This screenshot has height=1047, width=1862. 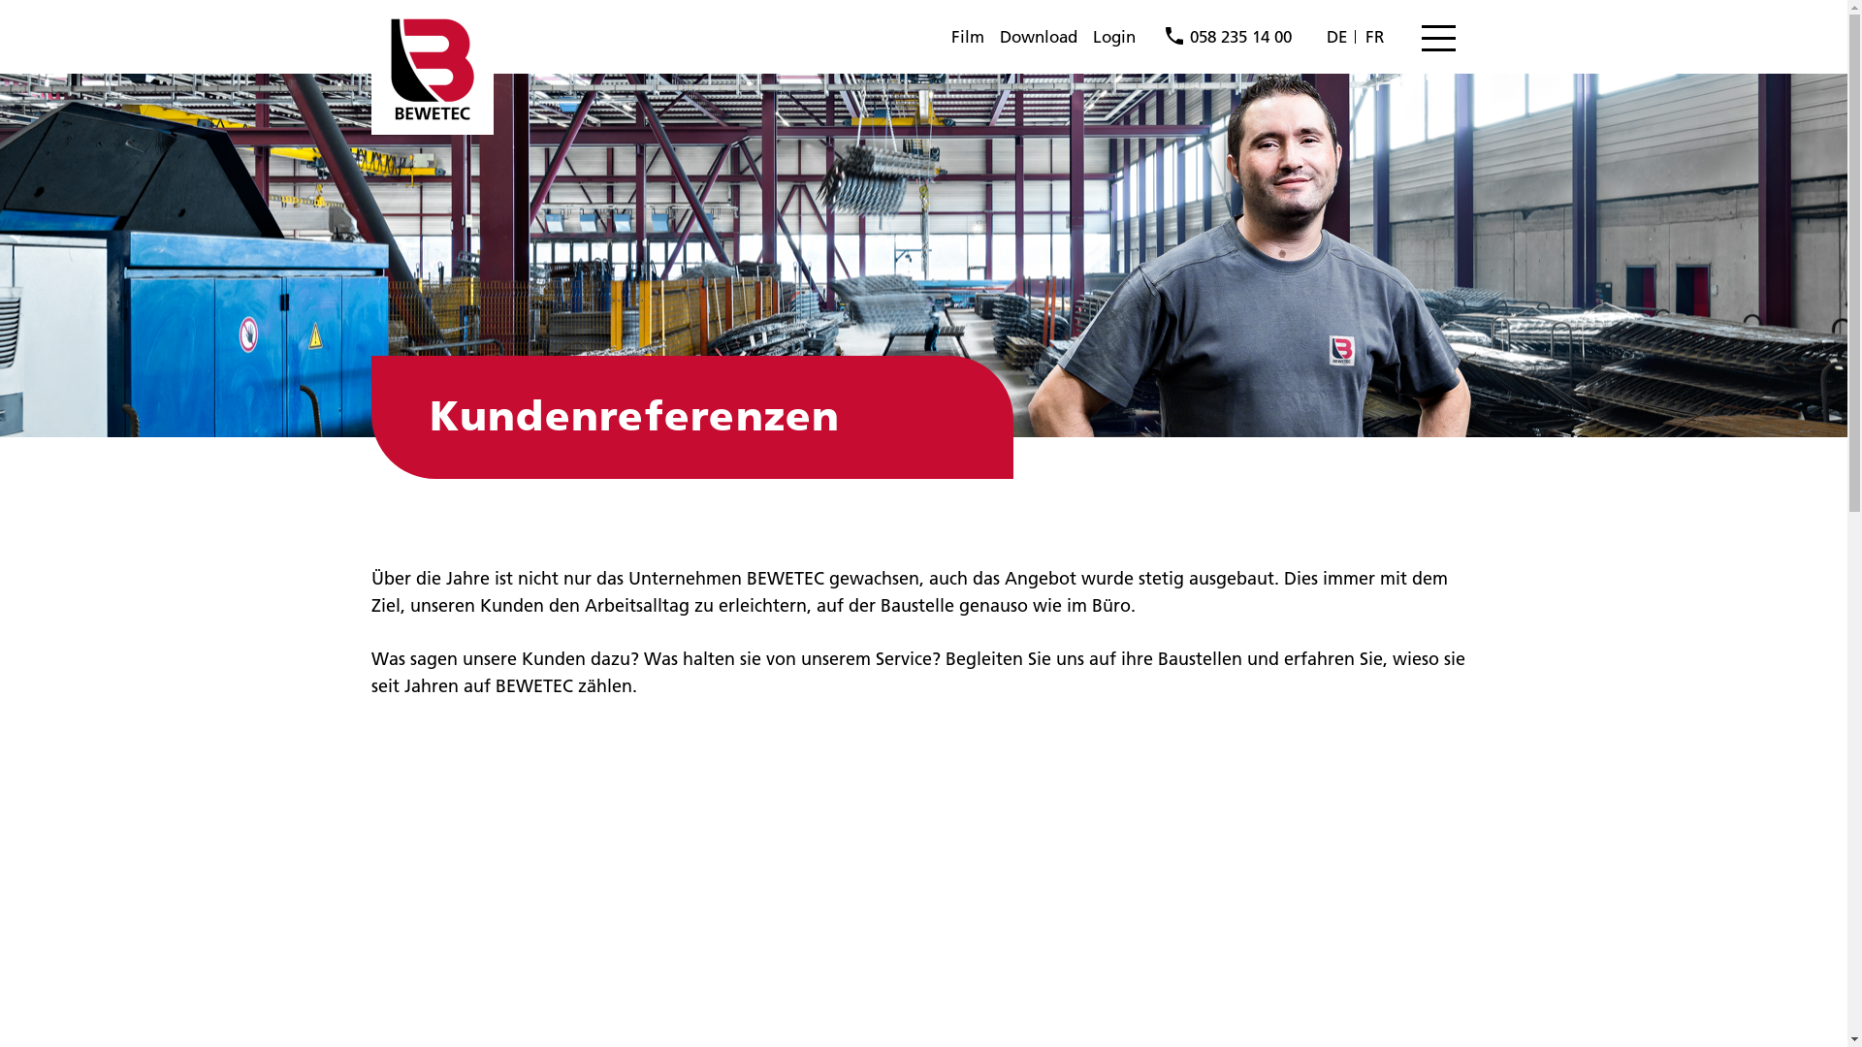 I want to click on 'BEWETEC Testimonial: Willi Bau AG (deutsch)', so click(x=612, y=861).